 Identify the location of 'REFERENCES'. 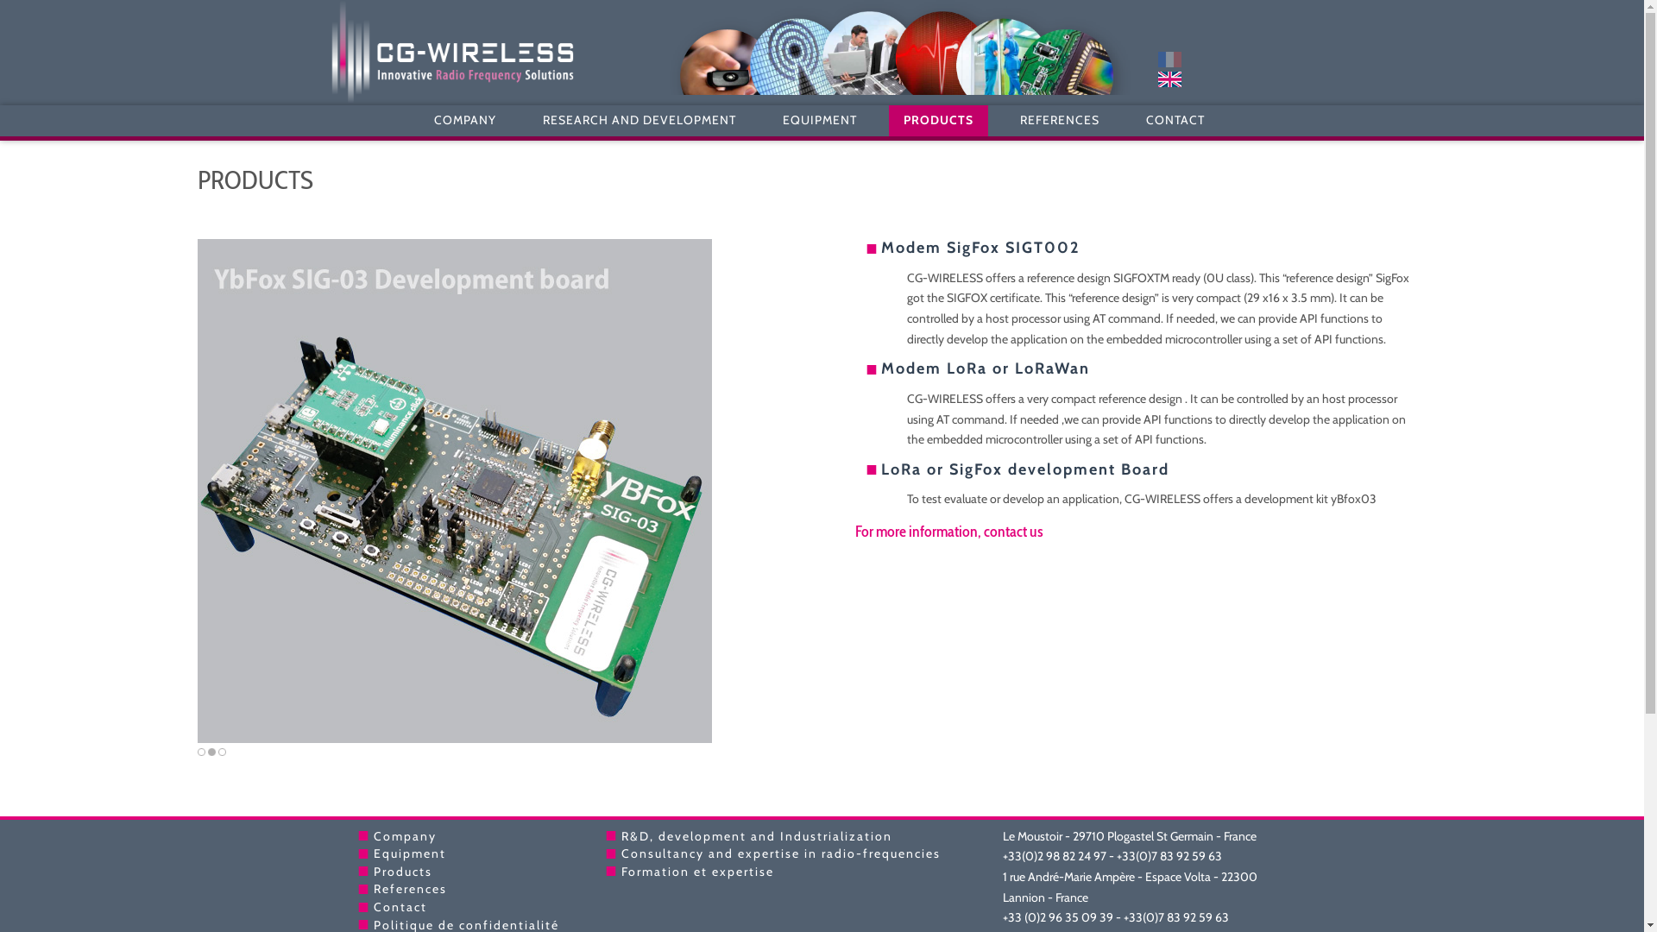
(1005, 119).